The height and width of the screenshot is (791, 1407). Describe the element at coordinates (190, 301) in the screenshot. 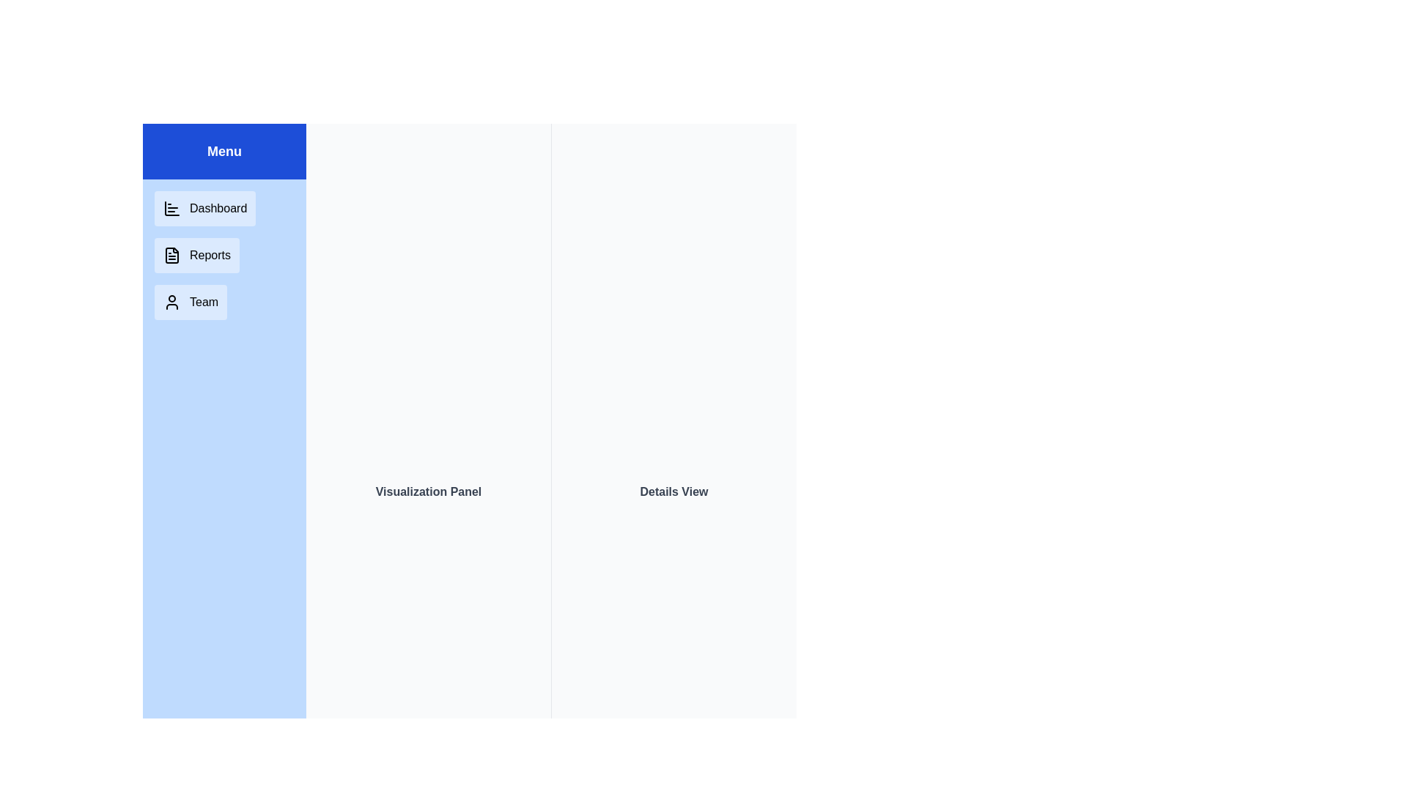

I see `the 'Team' button, which is the third item in the vertical menu under 'Menu', located below the 'Reports' button and above other menu items` at that location.